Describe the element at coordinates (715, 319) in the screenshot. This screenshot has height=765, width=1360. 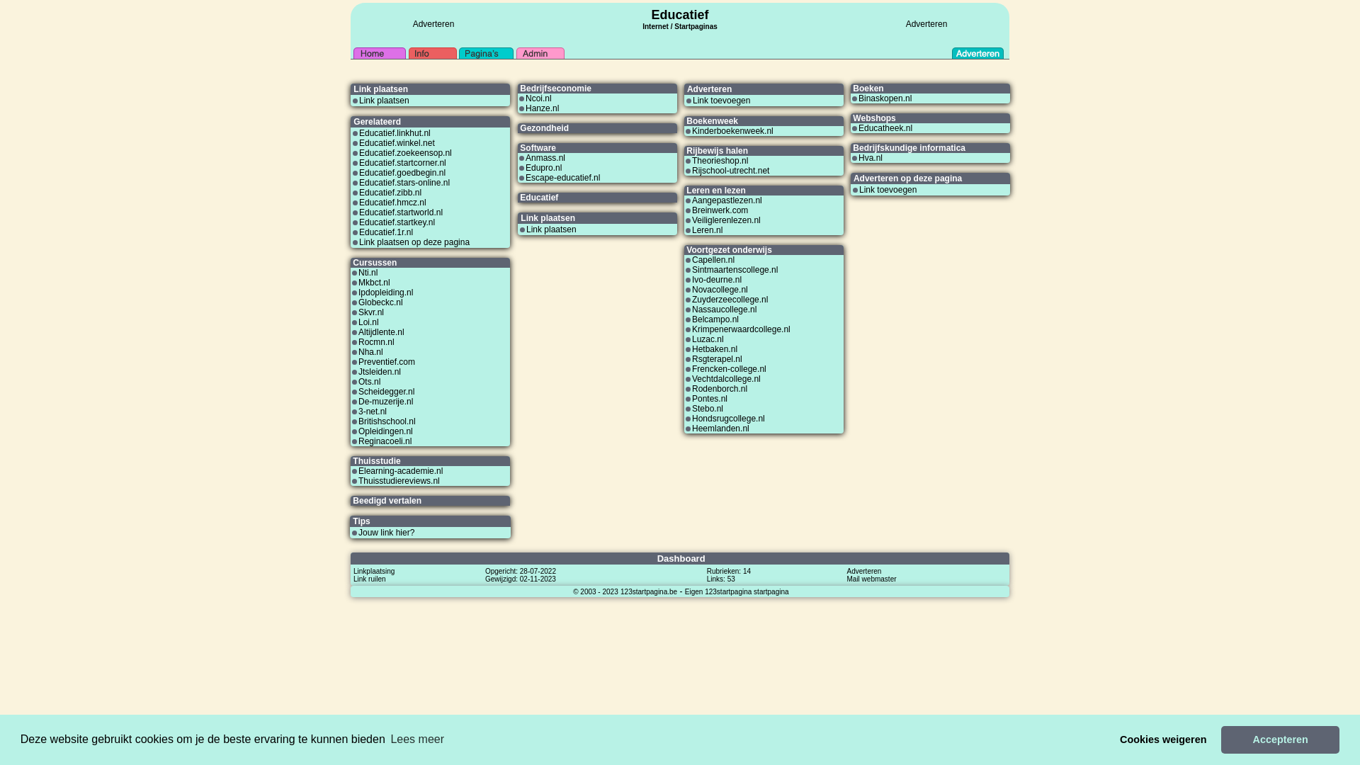
I see `'Belcampo.nl'` at that location.